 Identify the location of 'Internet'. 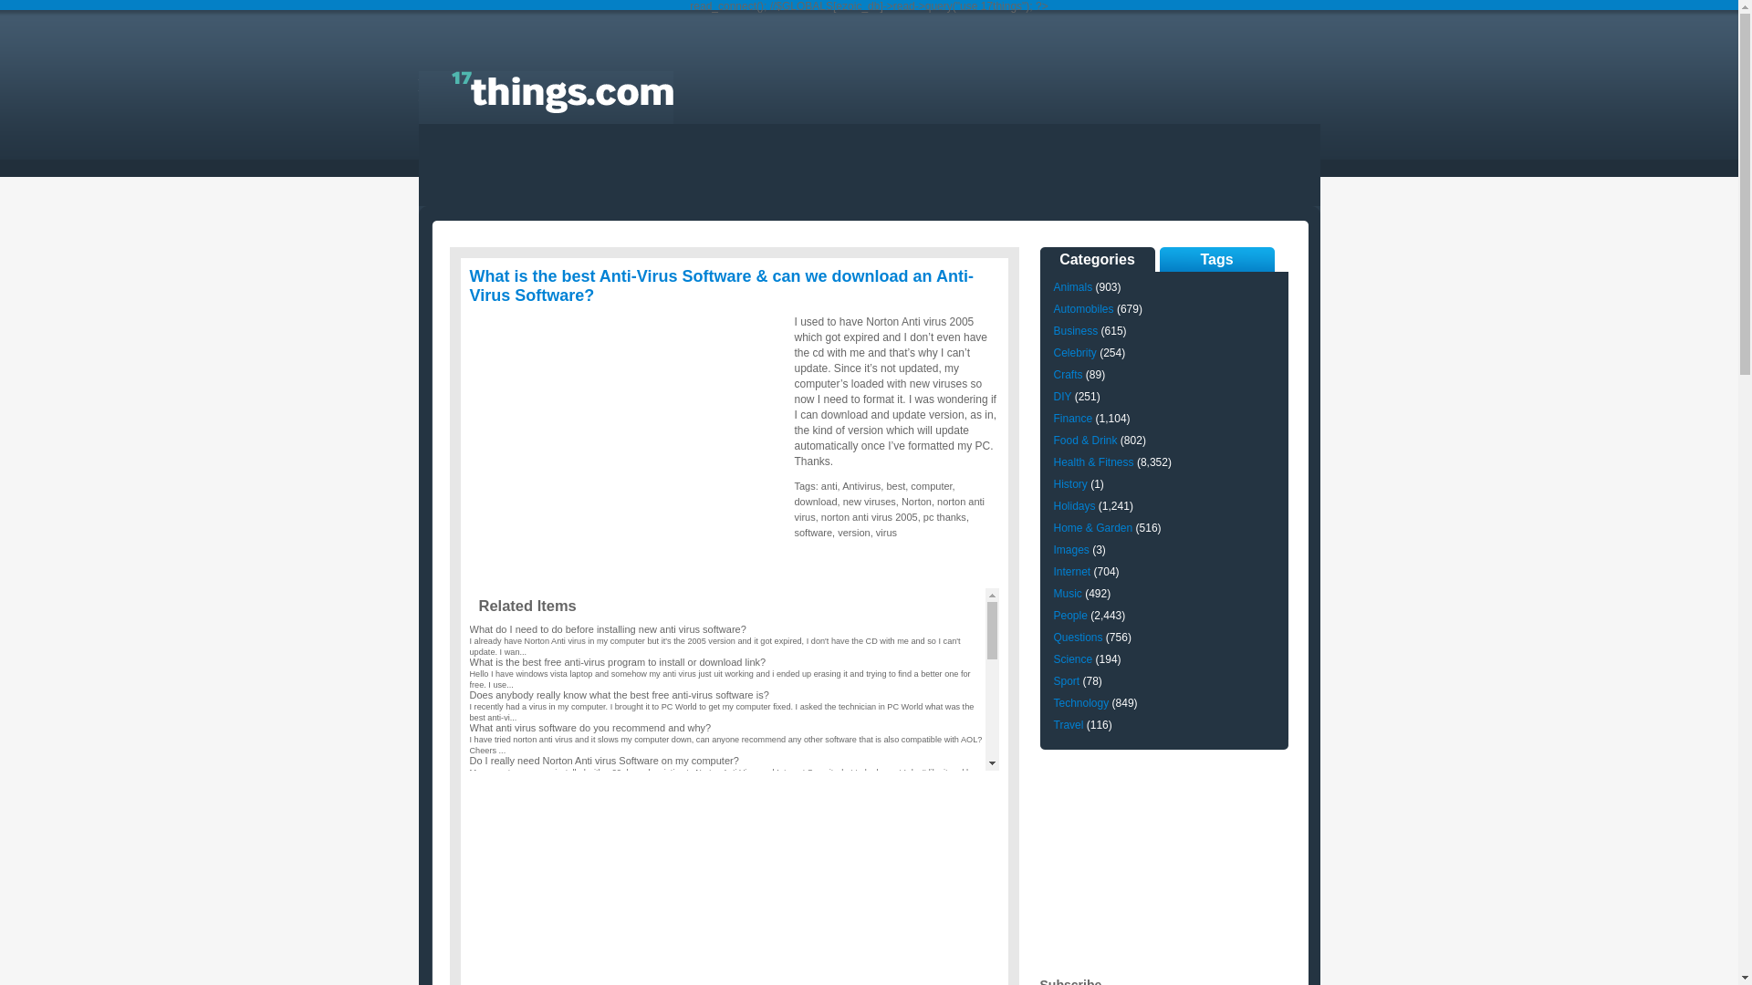
(1071, 571).